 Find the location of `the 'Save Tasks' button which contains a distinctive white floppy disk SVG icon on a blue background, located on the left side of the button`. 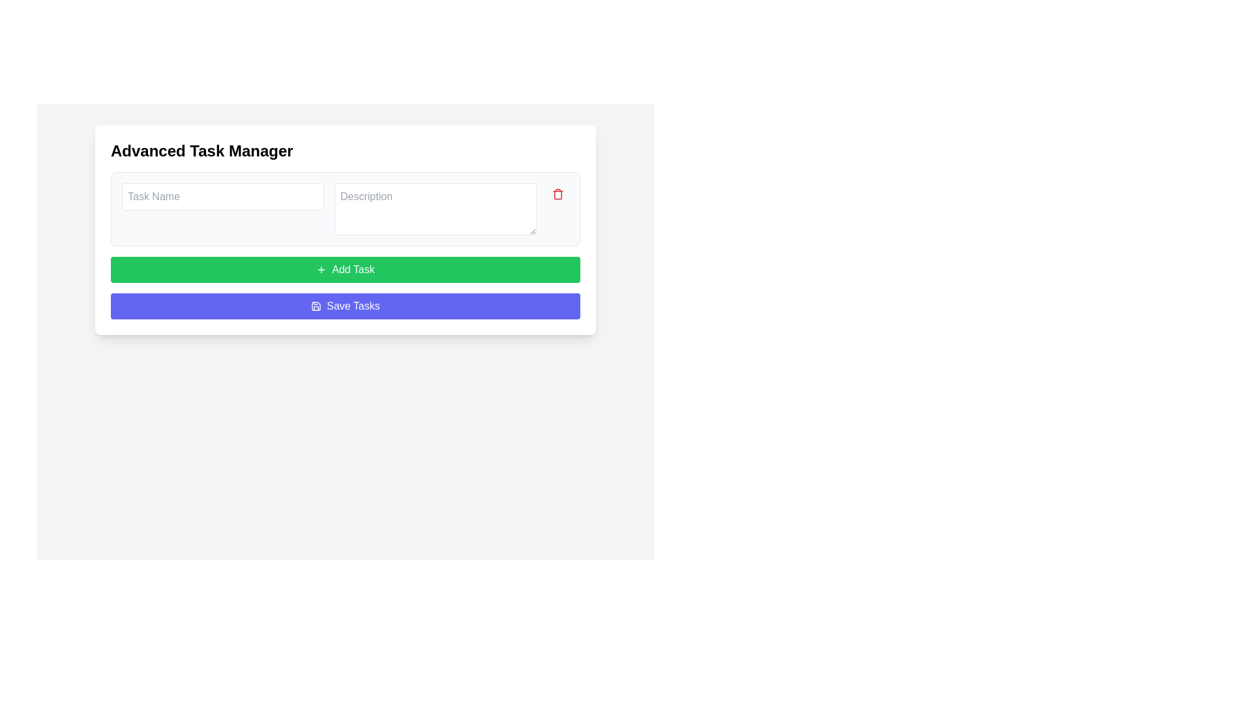

the 'Save Tasks' button which contains a distinctive white floppy disk SVG icon on a blue background, located on the left side of the button is located at coordinates (316, 306).